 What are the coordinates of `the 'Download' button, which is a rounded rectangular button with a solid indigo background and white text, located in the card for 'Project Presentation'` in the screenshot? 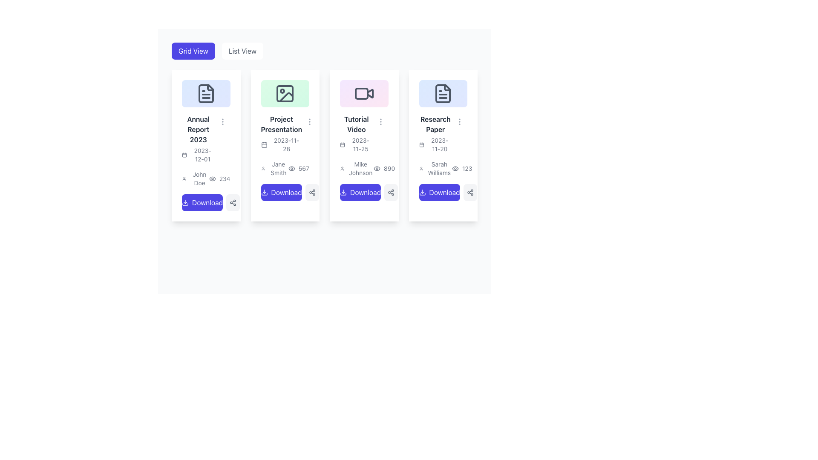 It's located at (281, 192).